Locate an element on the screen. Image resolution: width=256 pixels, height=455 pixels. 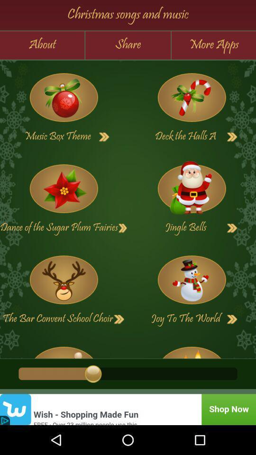
this song is located at coordinates (192, 349).